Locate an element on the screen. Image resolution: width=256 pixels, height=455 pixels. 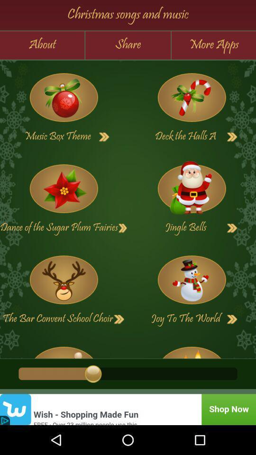
this song is located at coordinates (192, 349).